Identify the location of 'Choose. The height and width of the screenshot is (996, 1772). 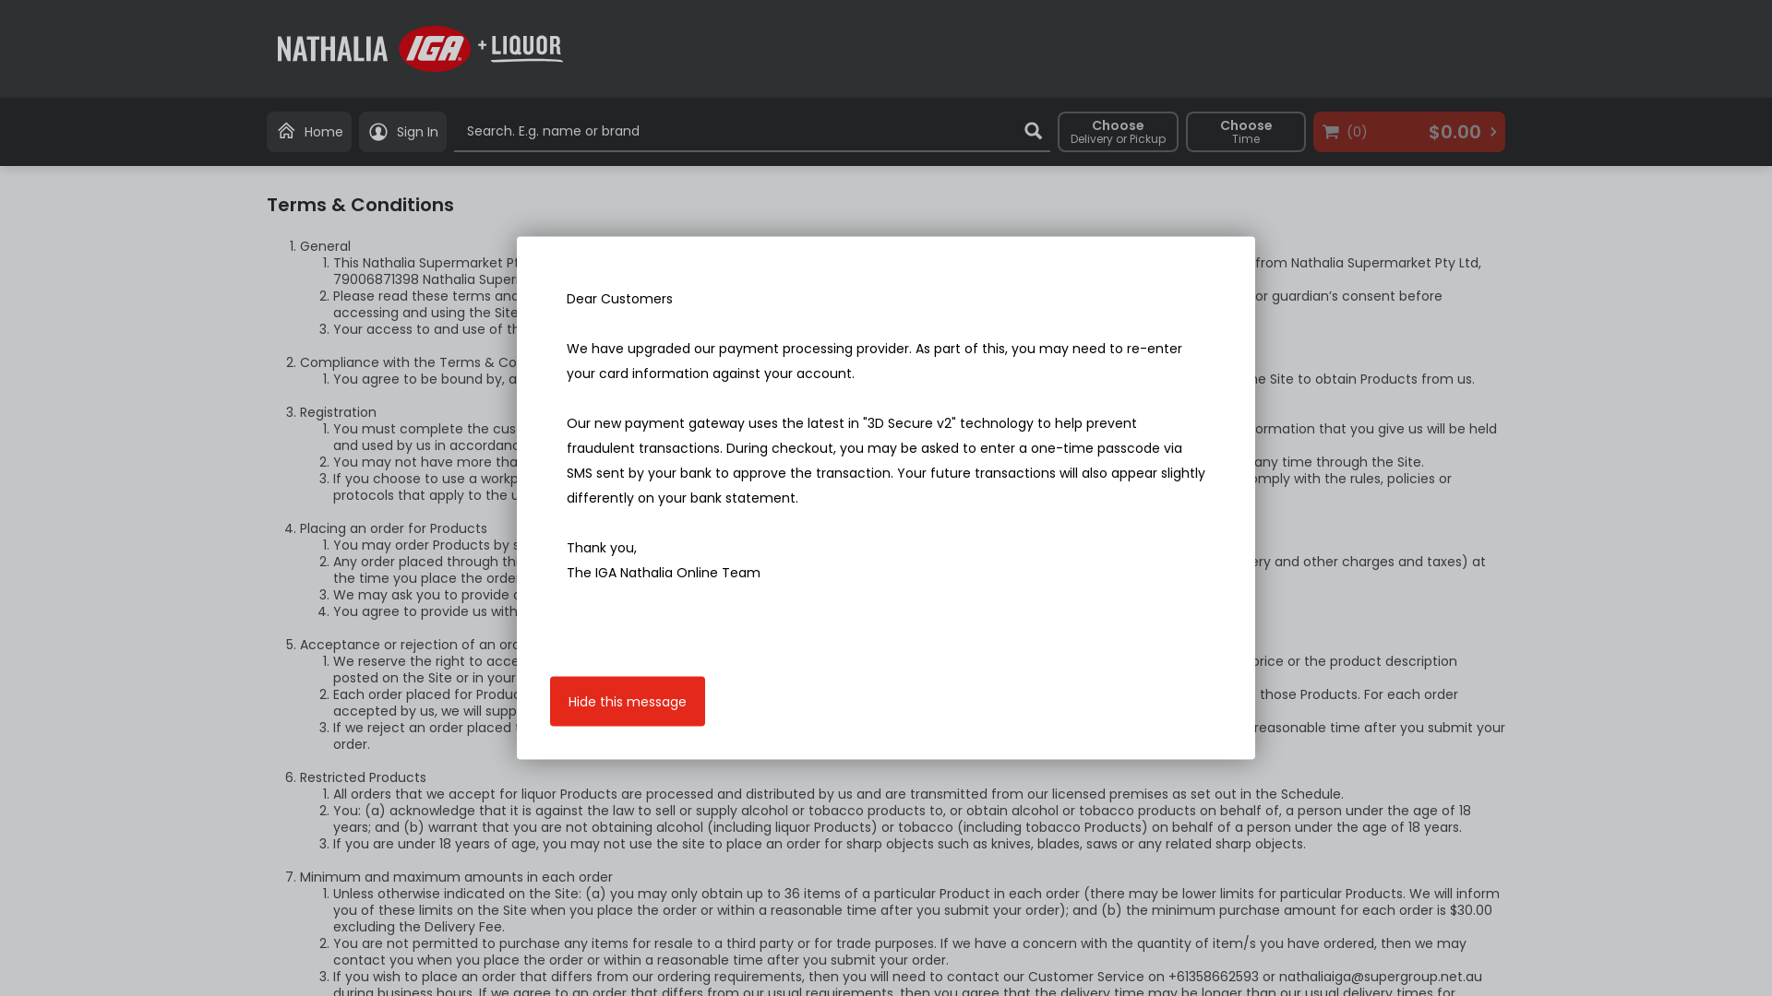
(1245, 130).